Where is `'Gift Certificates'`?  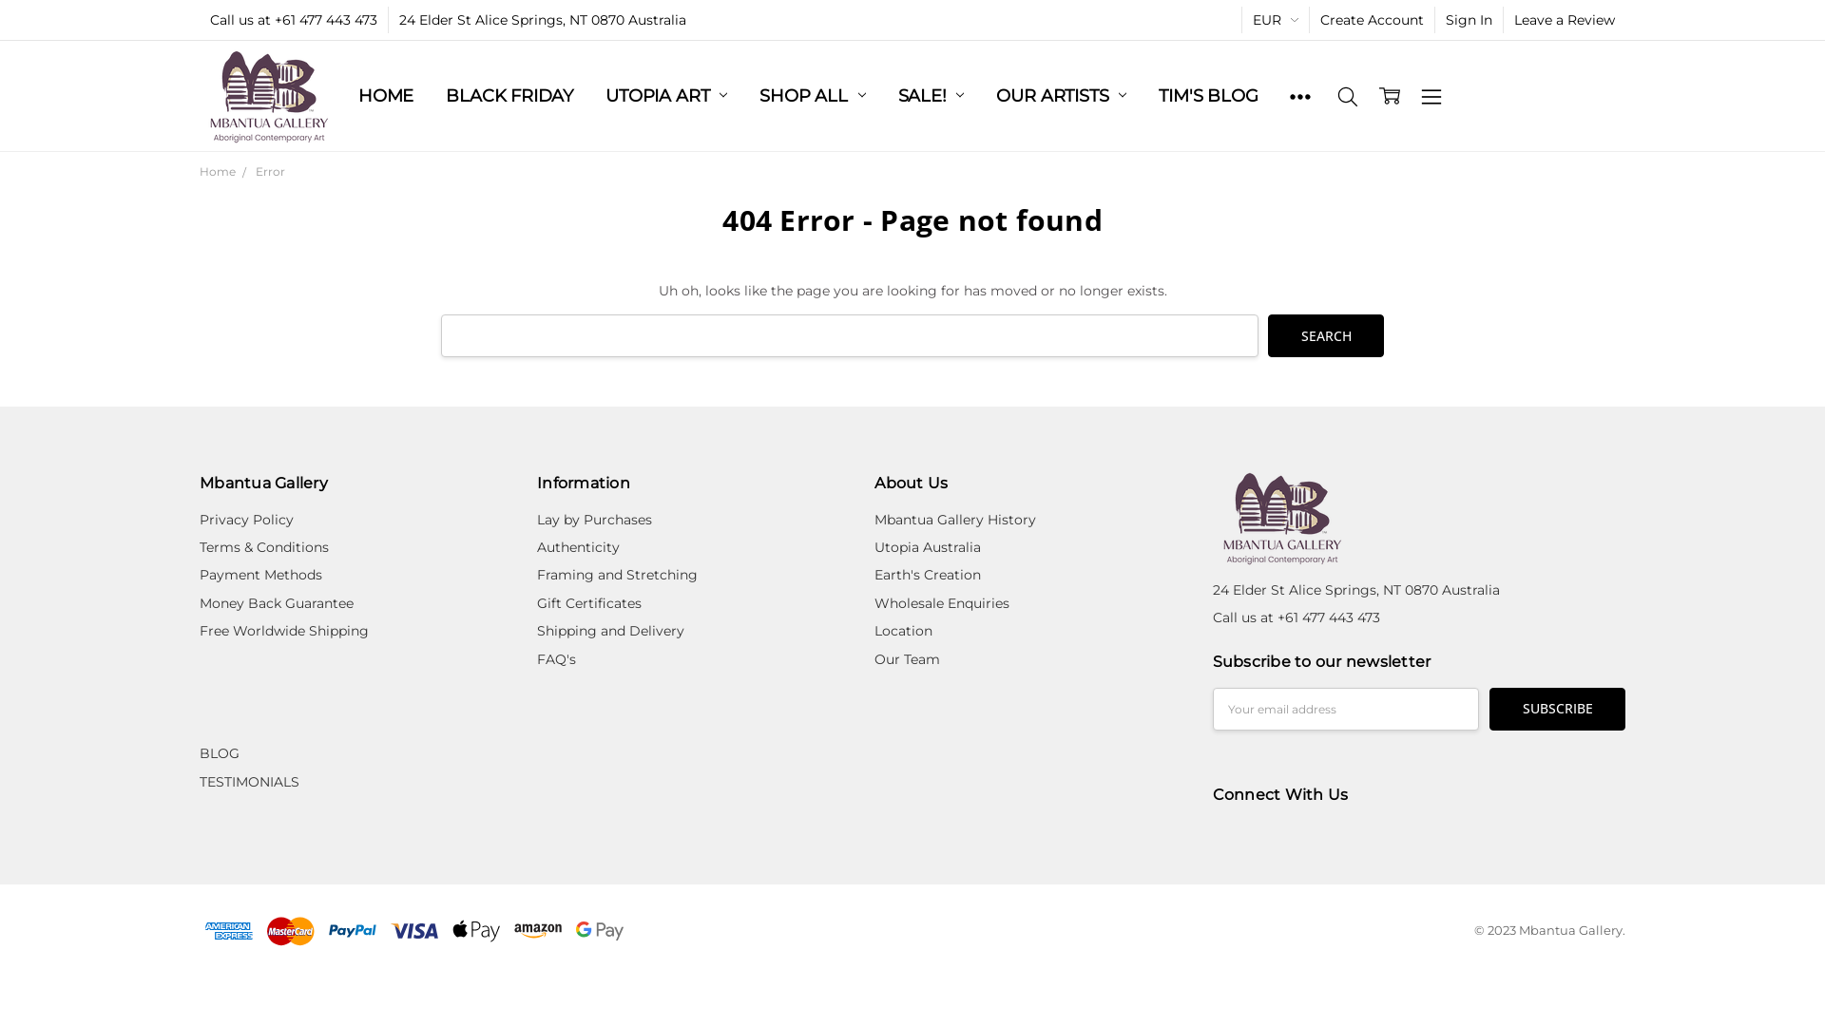 'Gift Certificates' is located at coordinates (536, 603).